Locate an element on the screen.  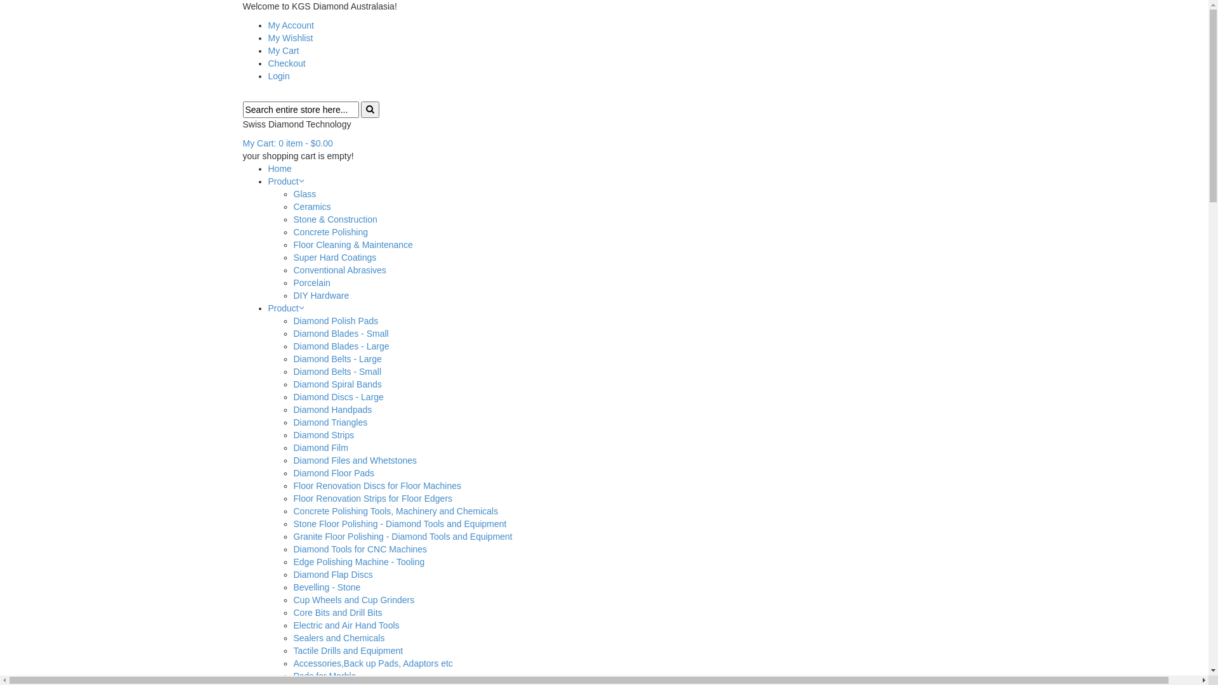
'Diamond Film' is located at coordinates (320, 447).